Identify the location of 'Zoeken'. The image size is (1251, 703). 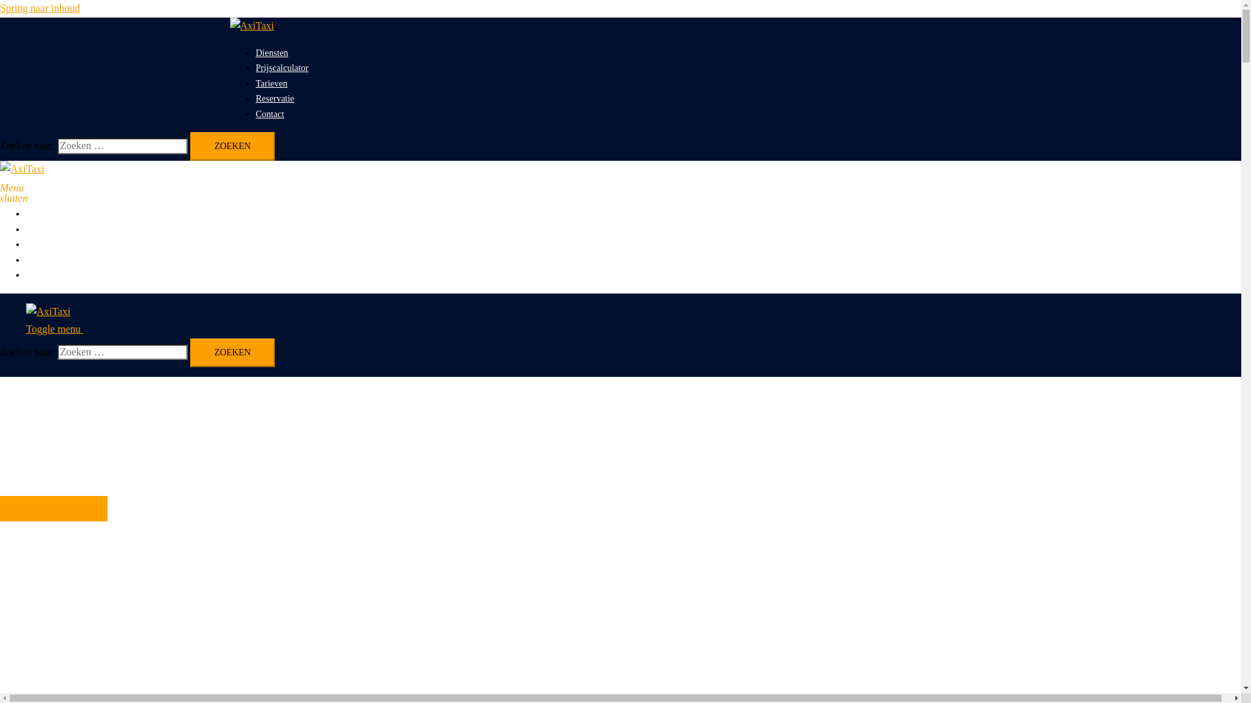
(232, 146).